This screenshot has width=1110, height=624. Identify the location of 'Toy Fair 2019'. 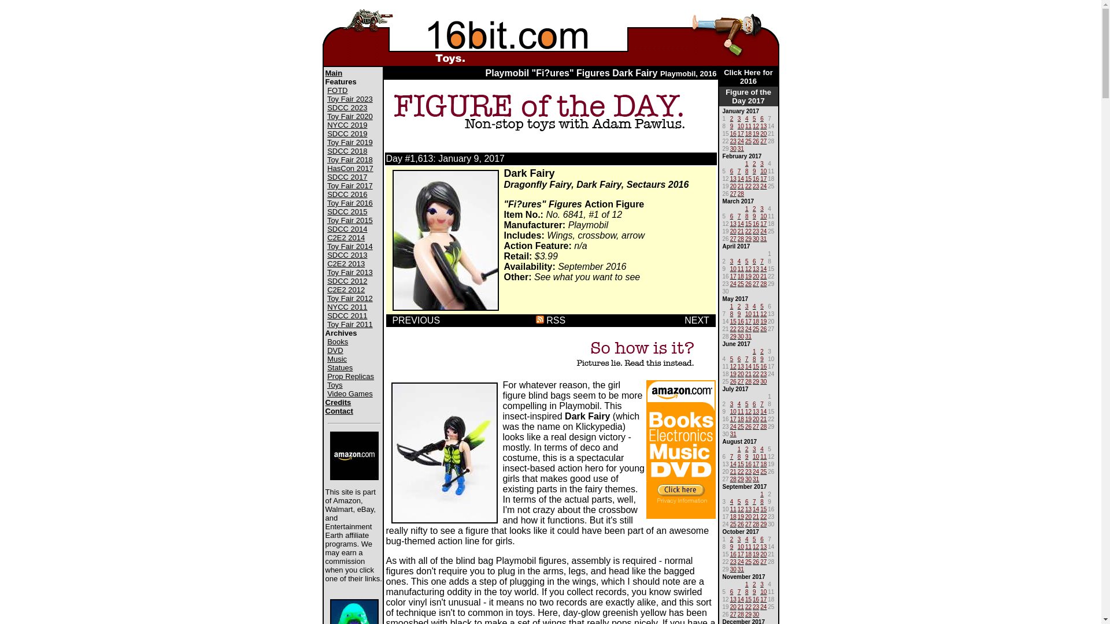
(349, 142).